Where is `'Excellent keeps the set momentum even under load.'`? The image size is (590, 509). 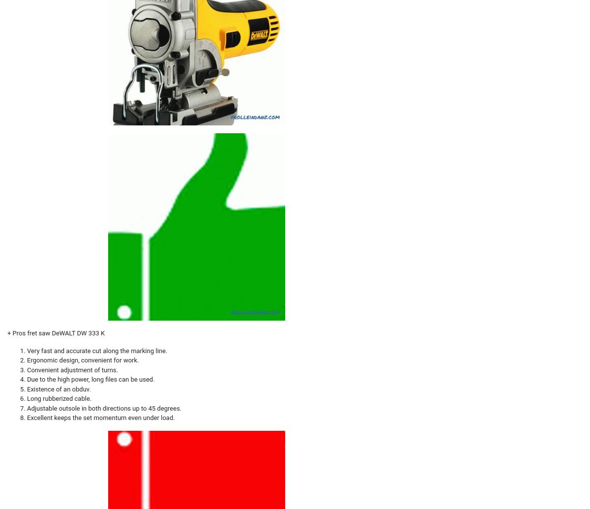
'Excellent keeps the set momentum even under load.' is located at coordinates (100, 417).